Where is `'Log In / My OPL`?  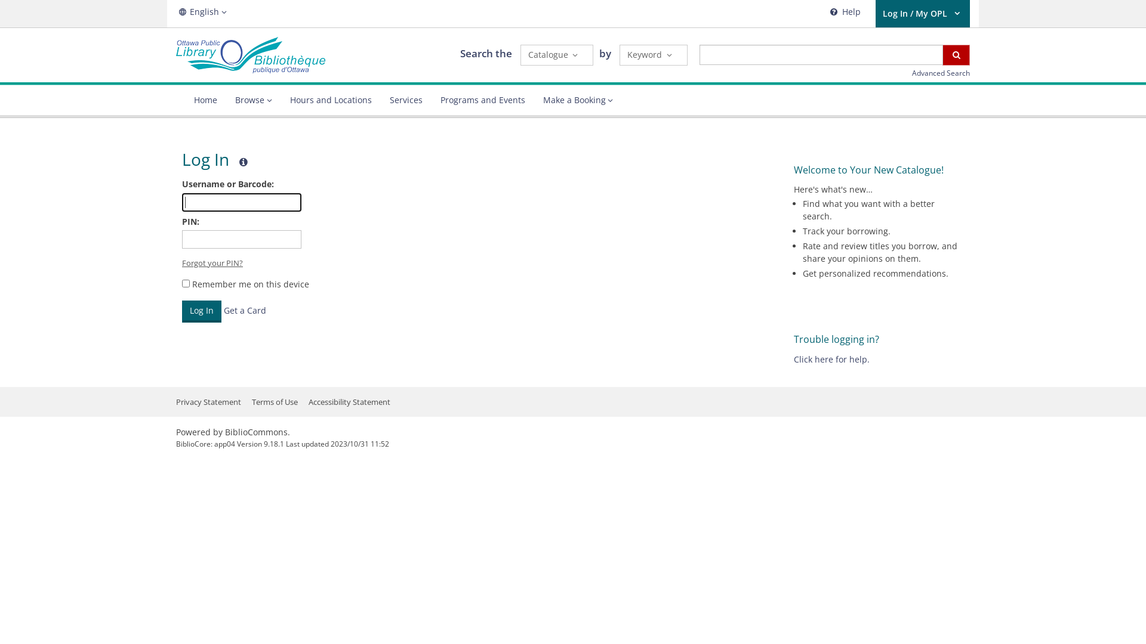
'Log In / My OPL is located at coordinates (922, 14).